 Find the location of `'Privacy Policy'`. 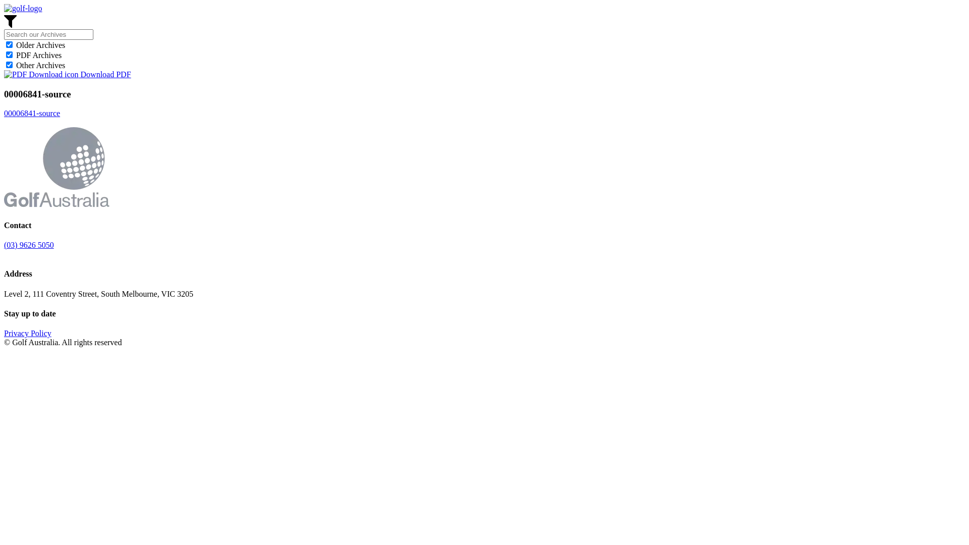

'Privacy Policy' is located at coordinates (27, 333).